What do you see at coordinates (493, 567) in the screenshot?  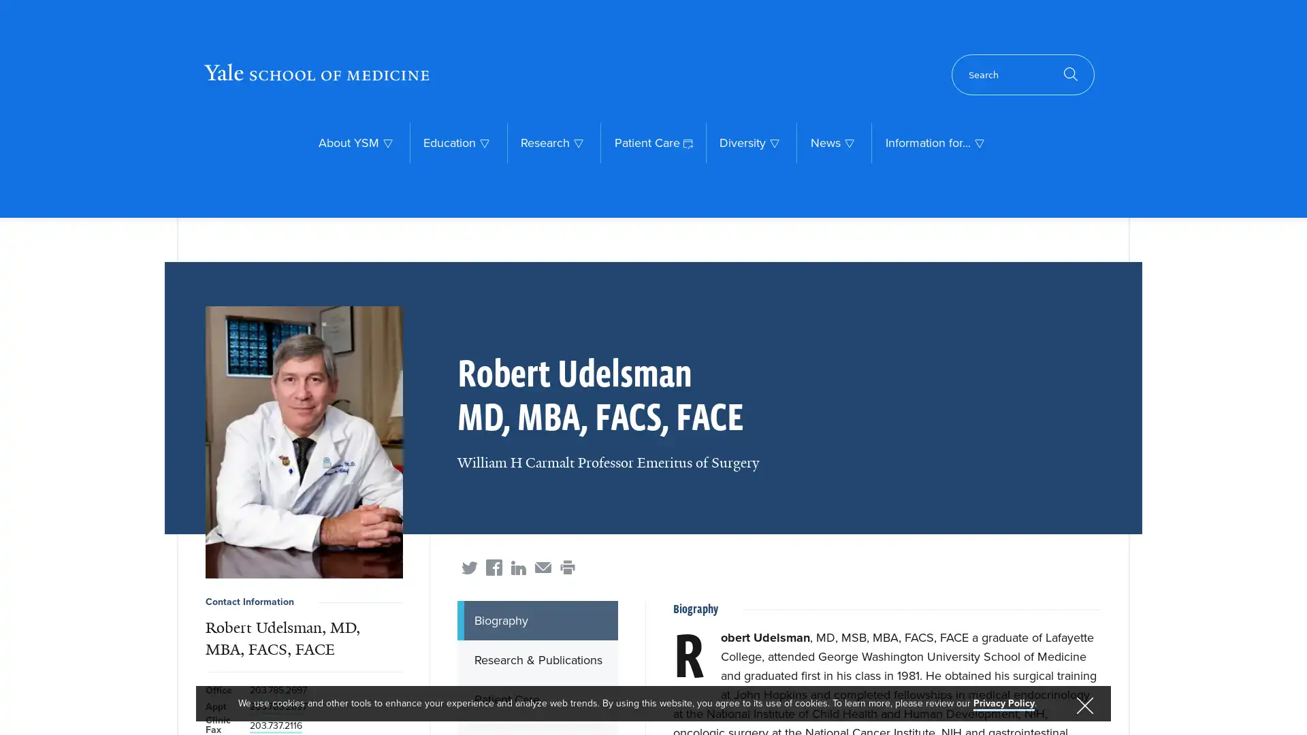 I see `Share via Facebook` at bounding box center [493, 567].